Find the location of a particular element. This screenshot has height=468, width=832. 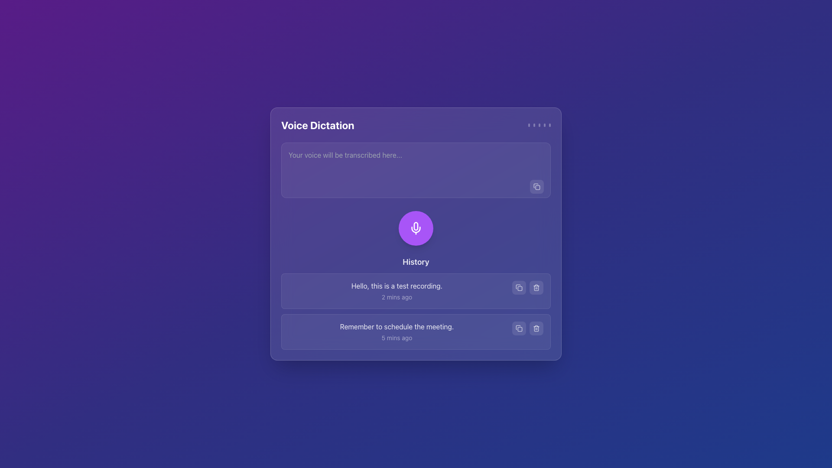

the delete button located on the right-hand side of the second item in the list is located at coordinates (536, 287).